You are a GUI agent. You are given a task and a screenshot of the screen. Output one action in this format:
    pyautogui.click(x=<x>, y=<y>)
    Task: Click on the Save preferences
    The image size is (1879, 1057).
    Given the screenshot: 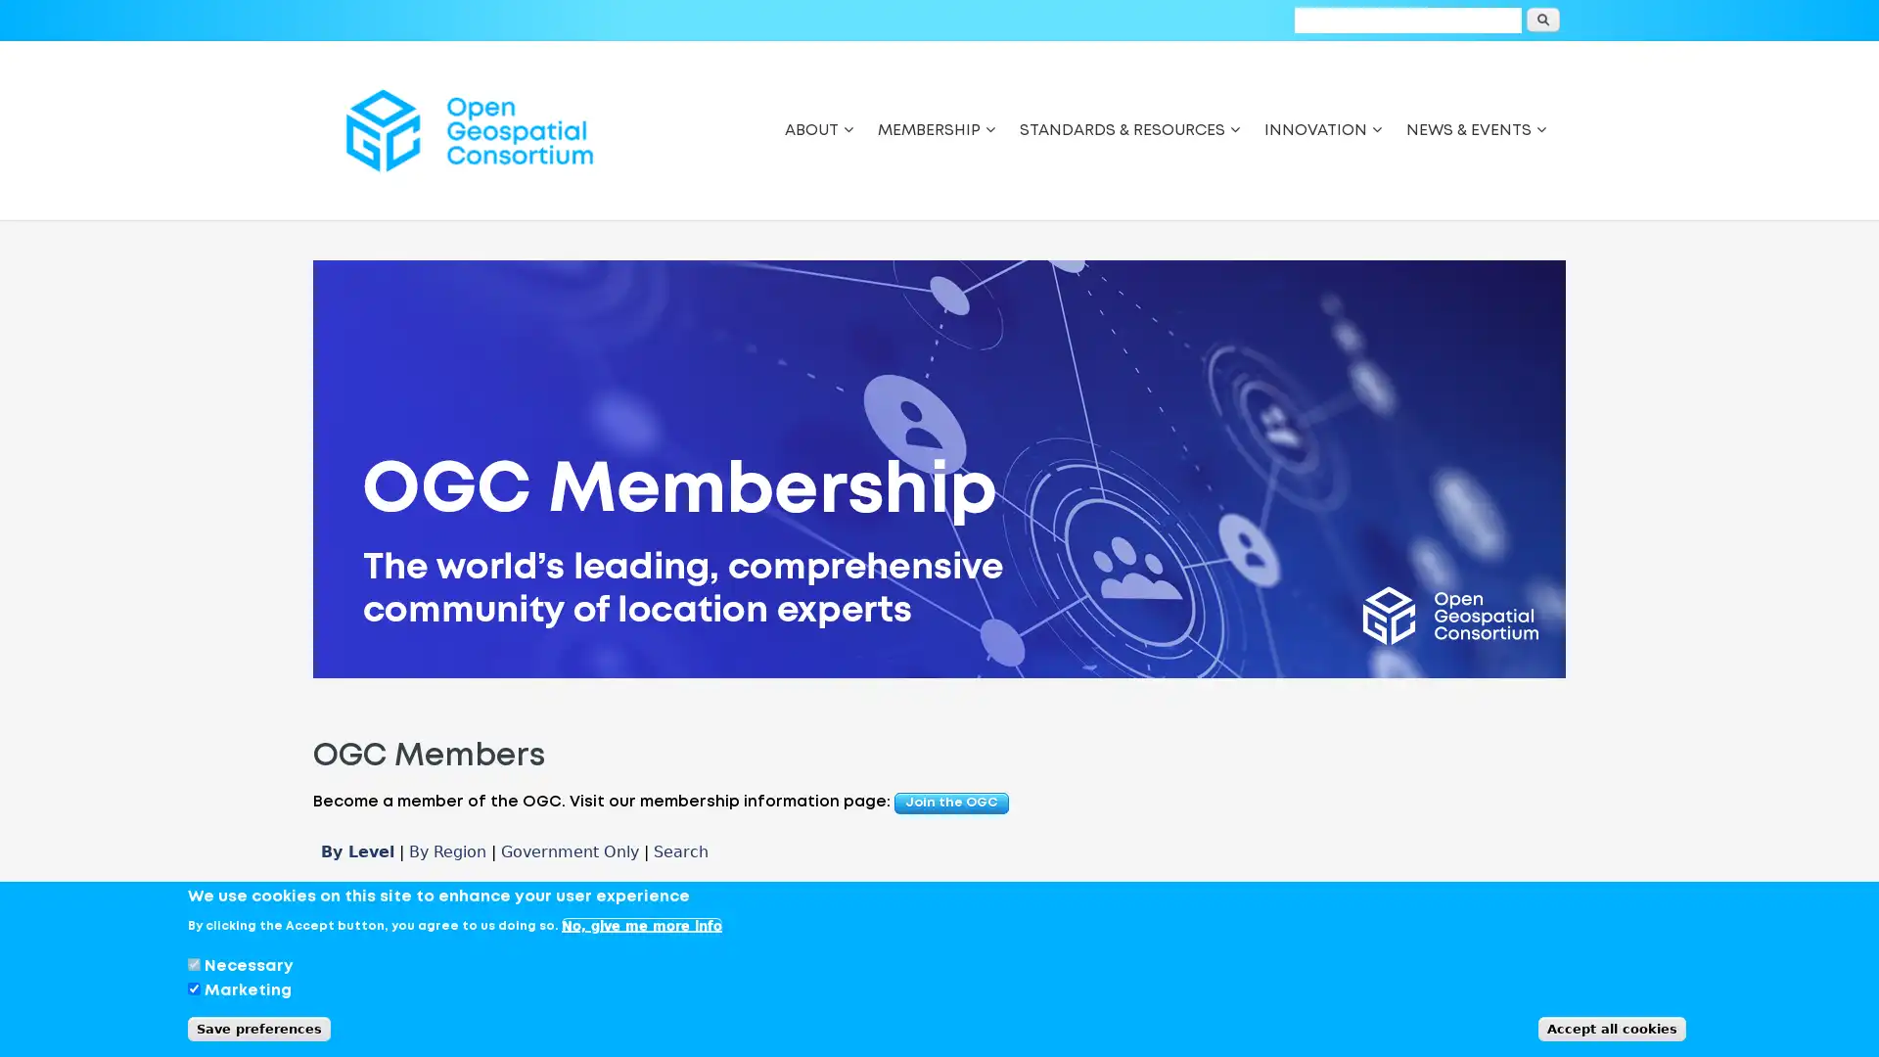 What is the action you would take?
    pyautogui.click(x=257, y=1028)
    